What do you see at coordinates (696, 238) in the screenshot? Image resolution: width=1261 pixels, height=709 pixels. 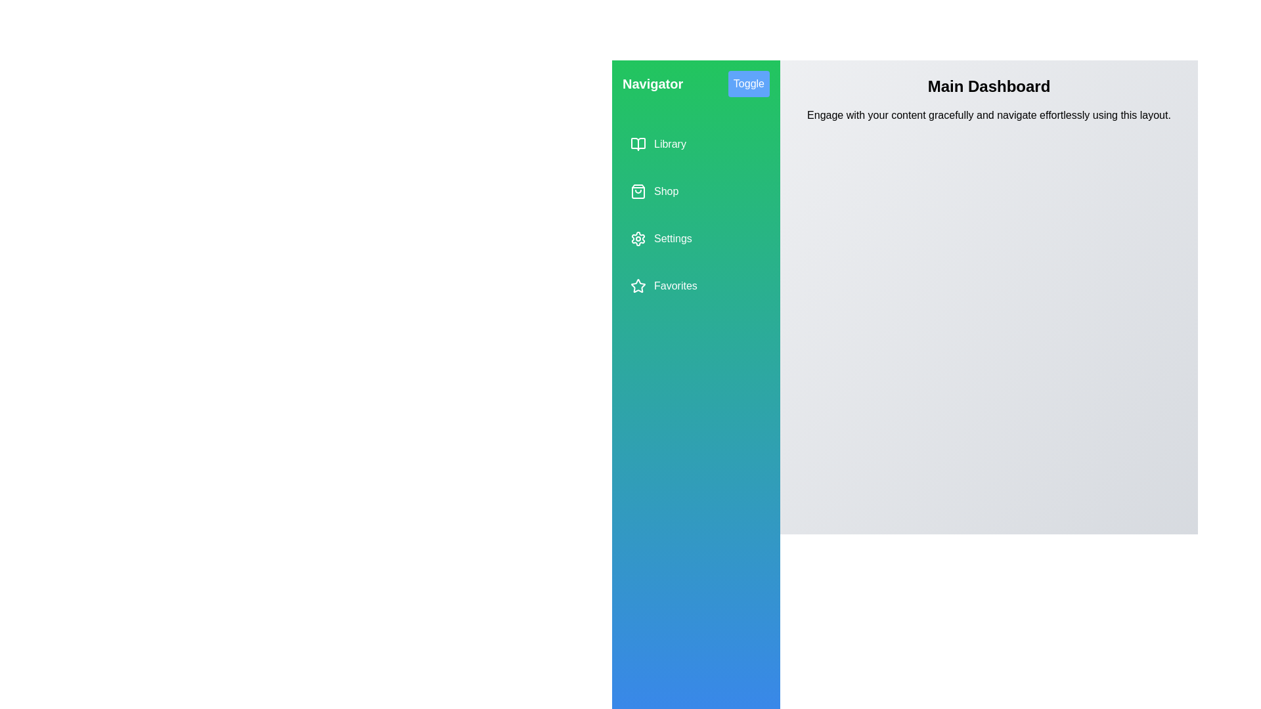 I see `the menu item Settings from the drawer` at bounding box center [696, 238].